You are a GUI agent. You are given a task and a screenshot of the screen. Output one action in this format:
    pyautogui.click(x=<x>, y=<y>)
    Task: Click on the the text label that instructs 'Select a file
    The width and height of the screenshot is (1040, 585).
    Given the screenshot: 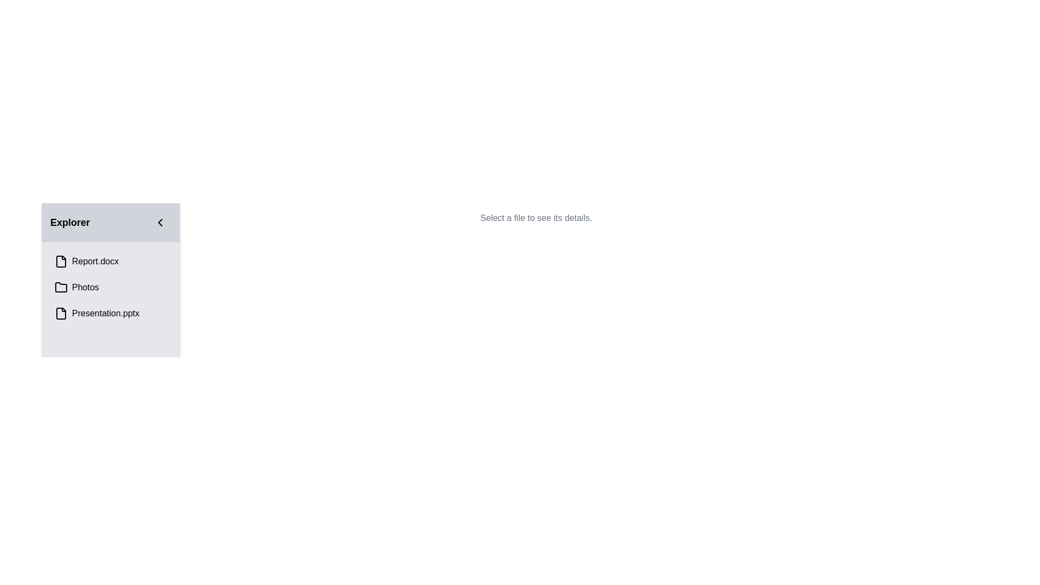 What is the action you would take?
    pyautogui.click(x=536, y=218)
    